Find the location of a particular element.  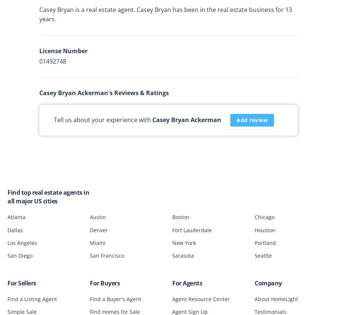

'Find a Buyer's Agent' is located at coordinates (115, 299).